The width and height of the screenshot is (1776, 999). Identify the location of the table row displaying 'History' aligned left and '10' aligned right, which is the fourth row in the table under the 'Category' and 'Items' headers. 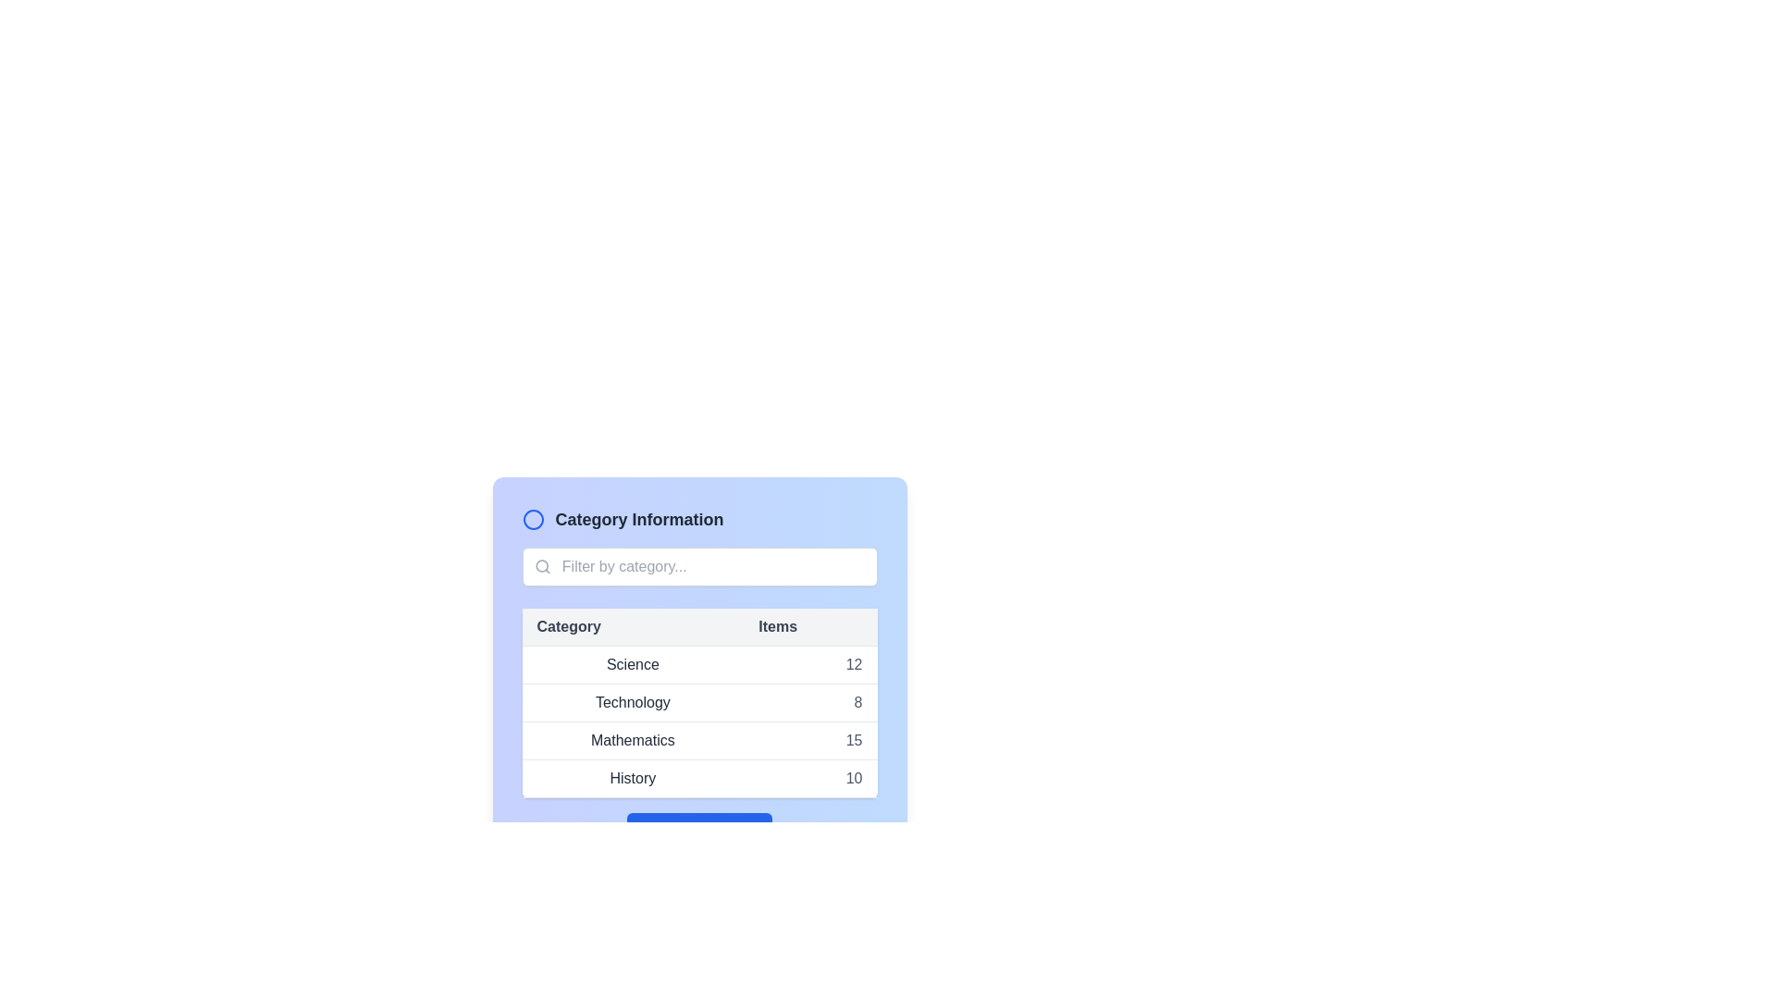
(698, 778).